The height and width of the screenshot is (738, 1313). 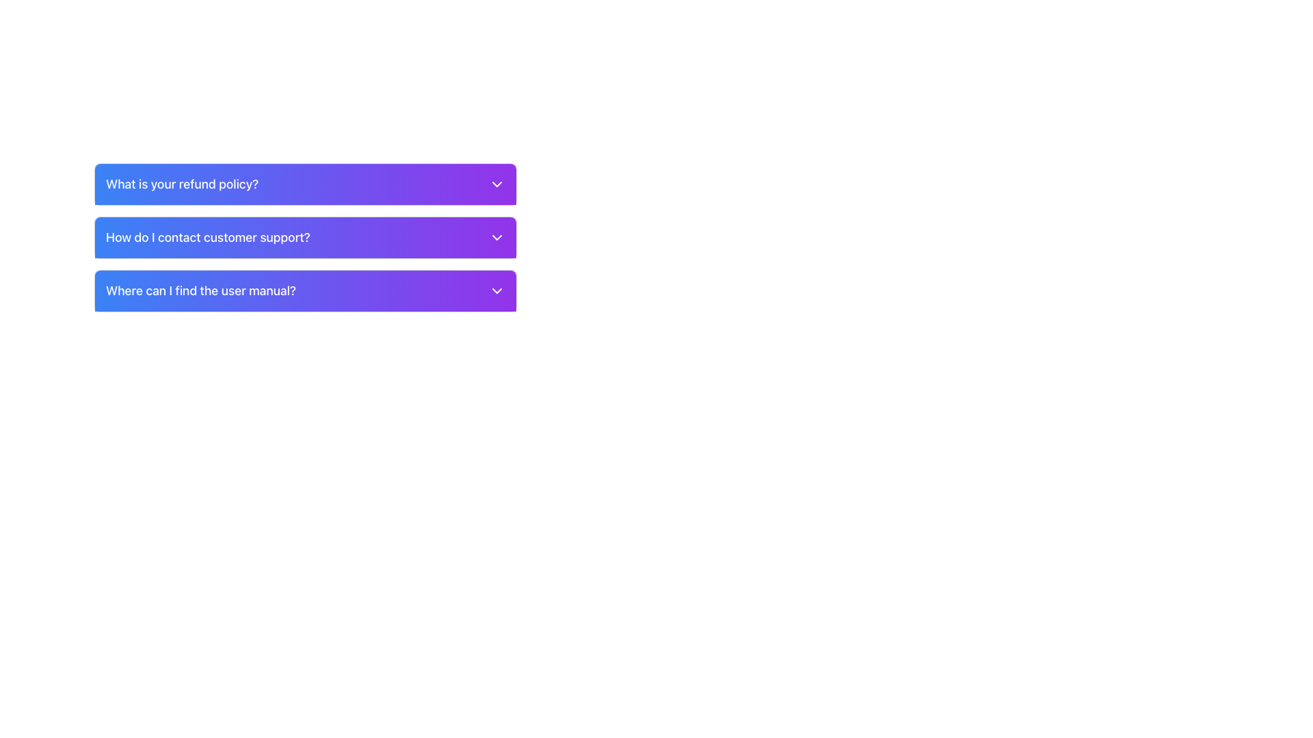 I want to click on the Chevron Icon located at the bottom right corner of the third question box, so click(x=496, y=290).